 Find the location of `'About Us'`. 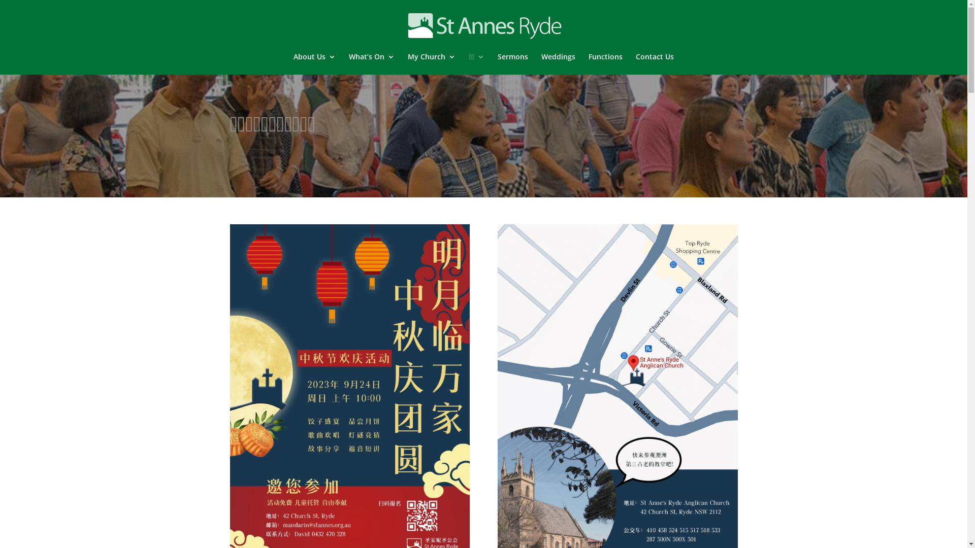

'About Us' is located at coordinates (314, 64).